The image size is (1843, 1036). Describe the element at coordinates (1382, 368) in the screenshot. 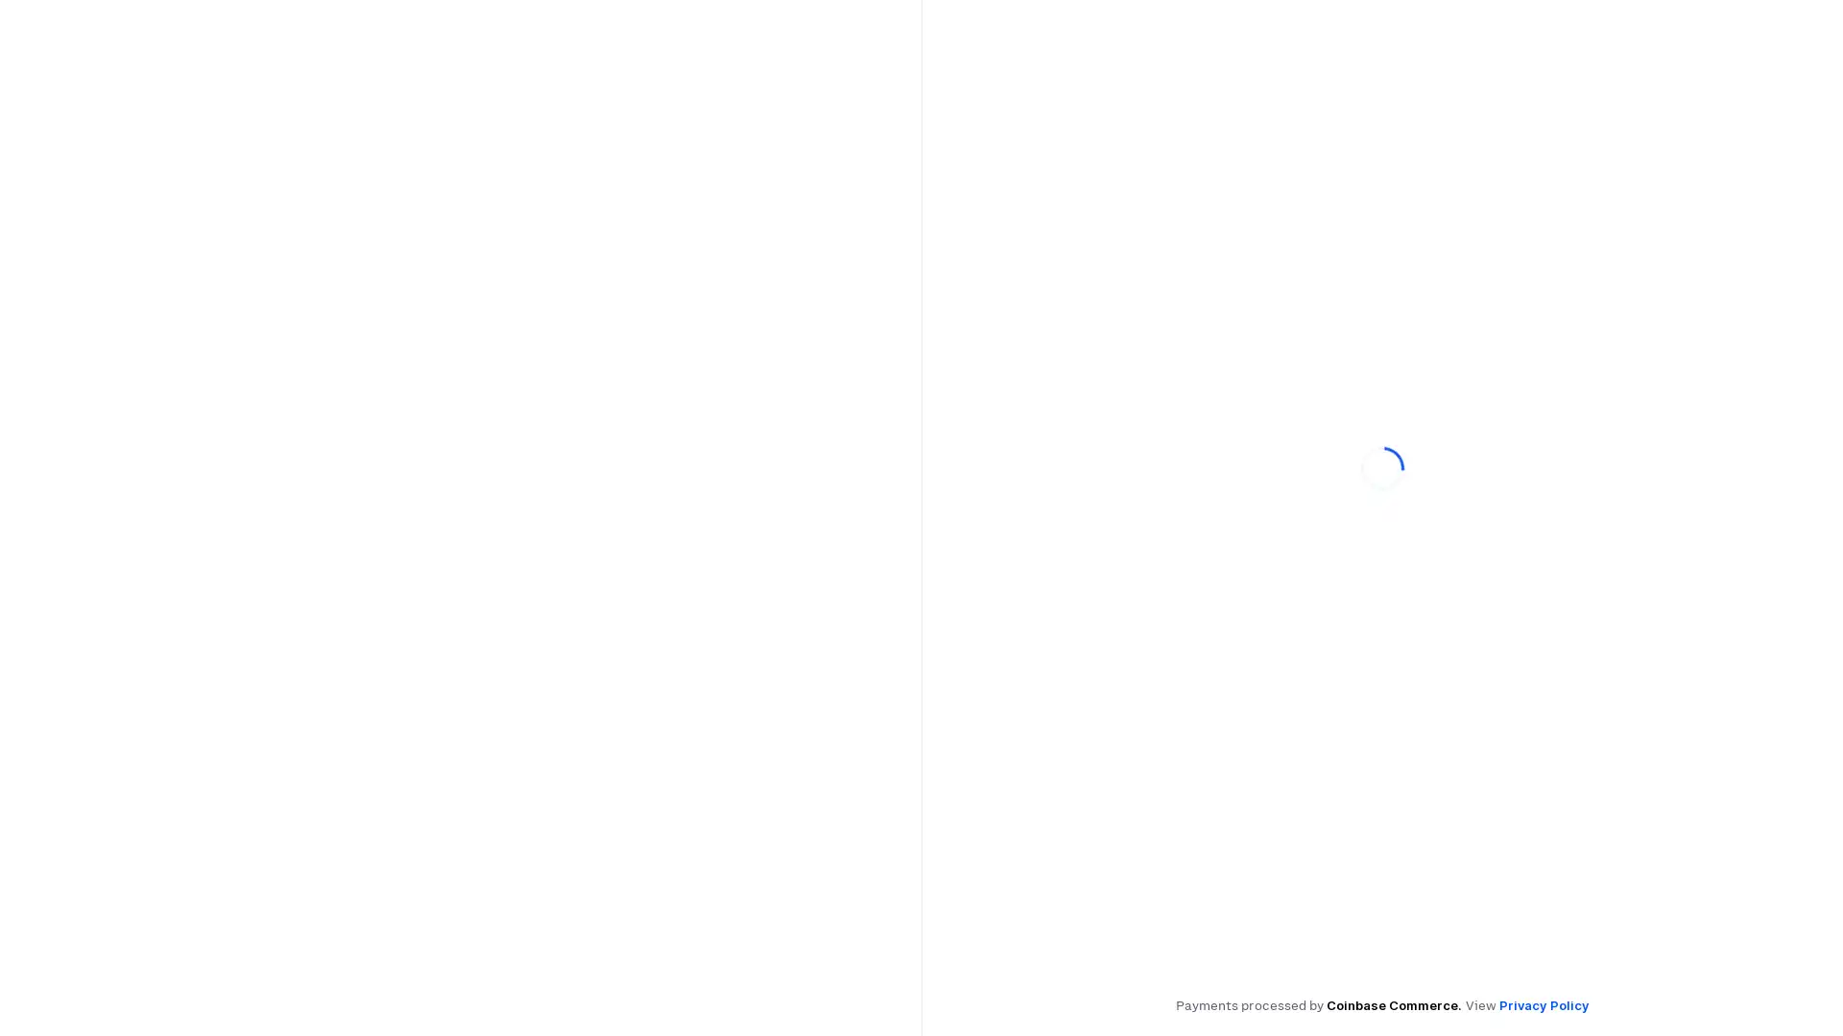

I see `Pay with Coinbase logo` at that location.